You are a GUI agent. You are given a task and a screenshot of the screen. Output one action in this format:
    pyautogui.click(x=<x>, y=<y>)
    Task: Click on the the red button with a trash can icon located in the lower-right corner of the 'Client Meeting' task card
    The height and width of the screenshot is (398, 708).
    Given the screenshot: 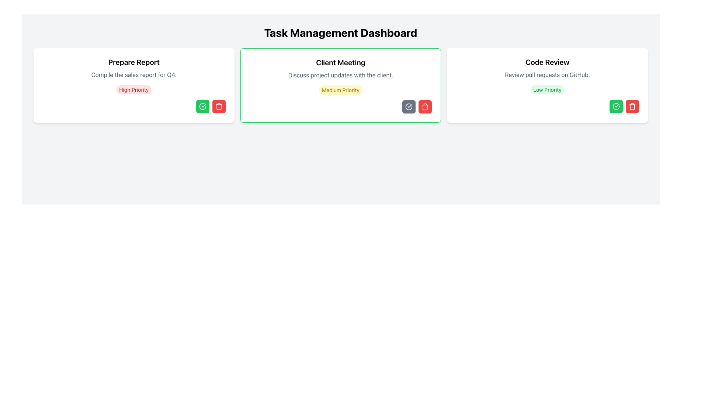 What is the action you would take?
    pyautogui.click(x=425, y=107)
    